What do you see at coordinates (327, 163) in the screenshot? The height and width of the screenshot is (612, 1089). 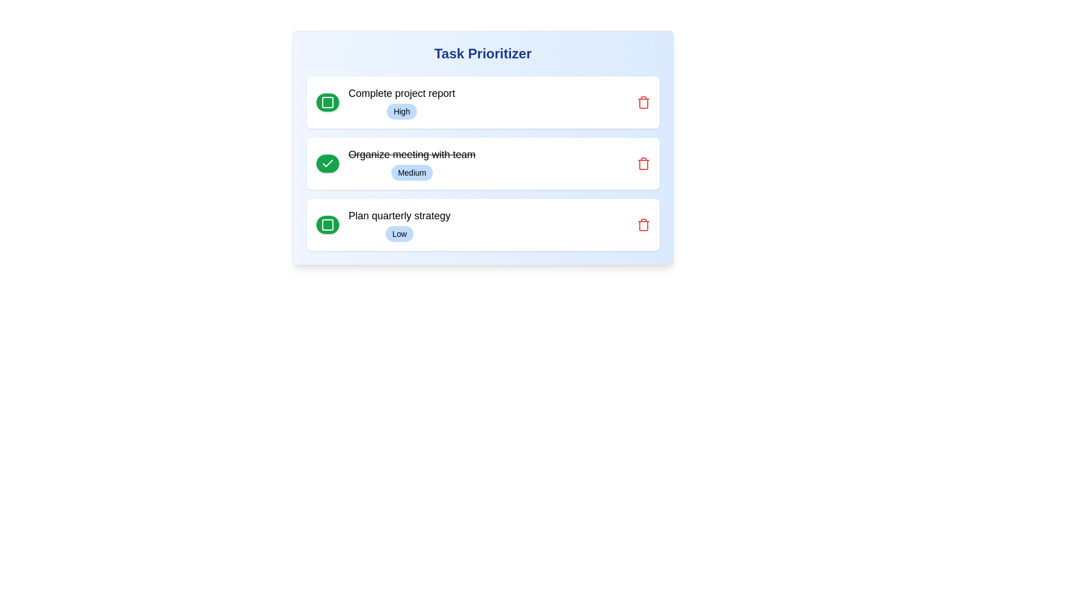 I see `the second checkmark icon that indicates the completed status of the task 'Organize meeting with team' in the task manager interface` at bounding box center [327, 163].